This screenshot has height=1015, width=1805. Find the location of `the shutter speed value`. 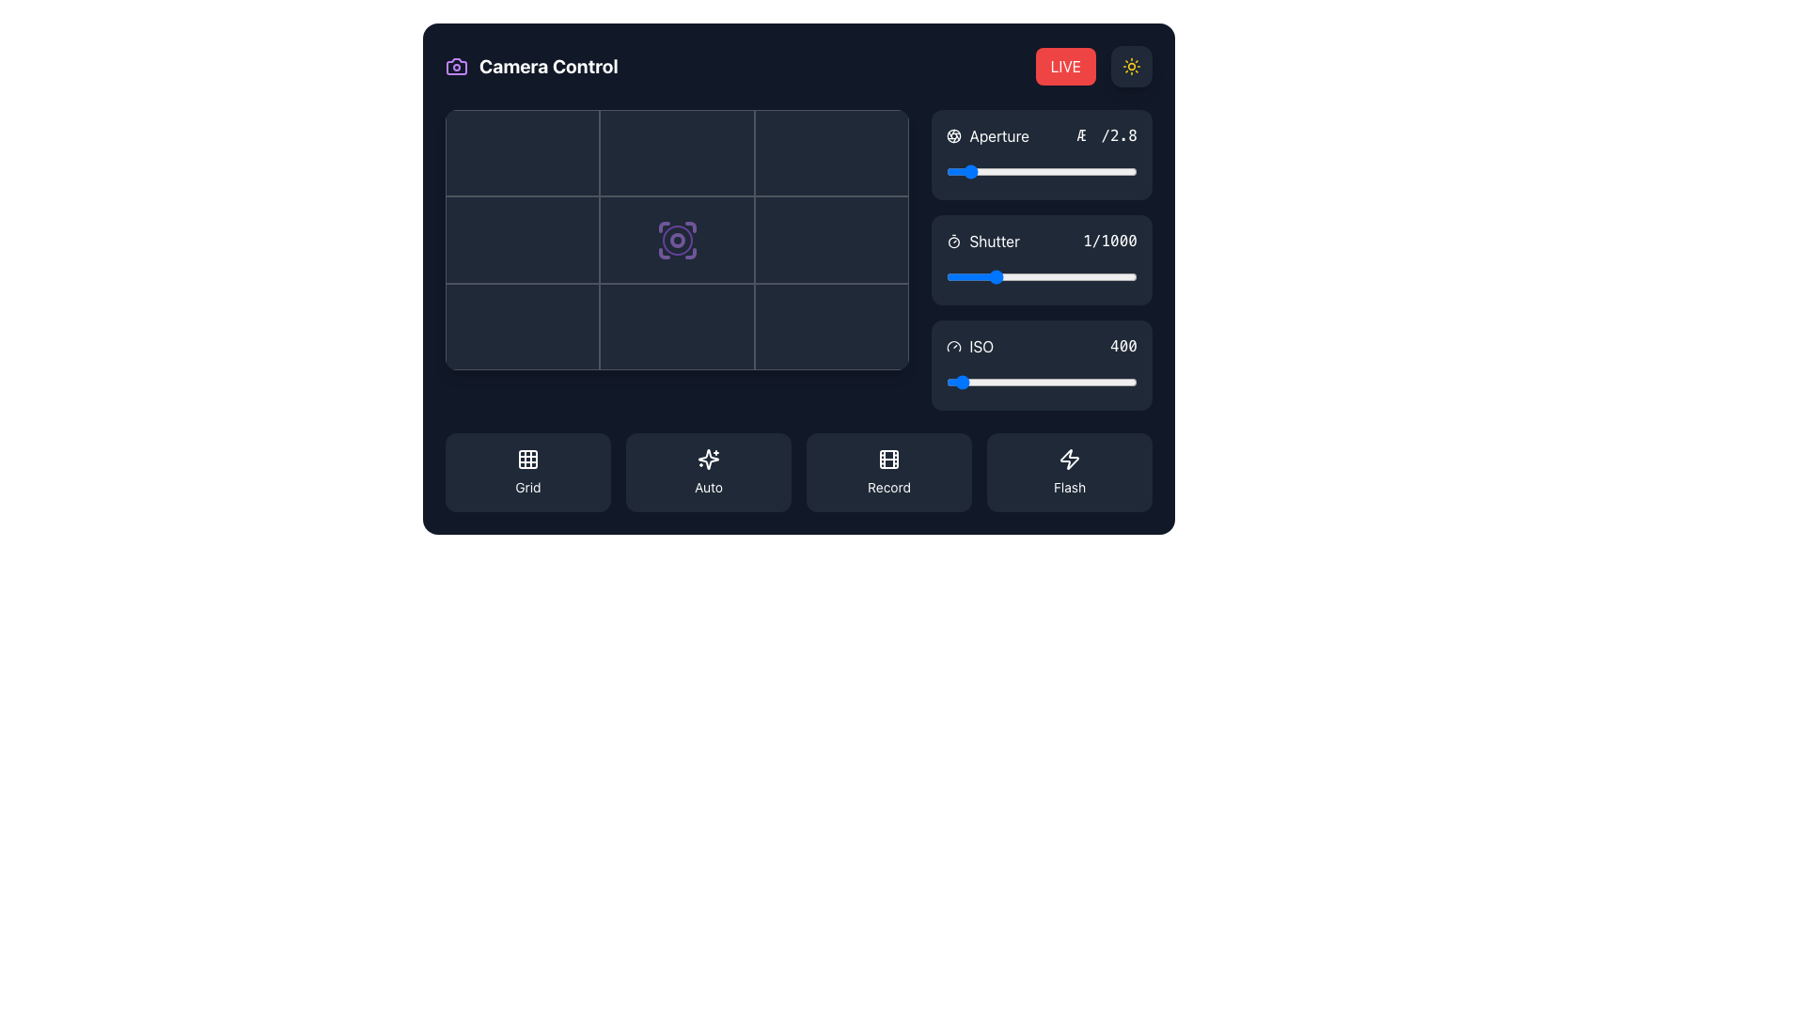

the shutter speed value is located at coordinates (1047, 276).